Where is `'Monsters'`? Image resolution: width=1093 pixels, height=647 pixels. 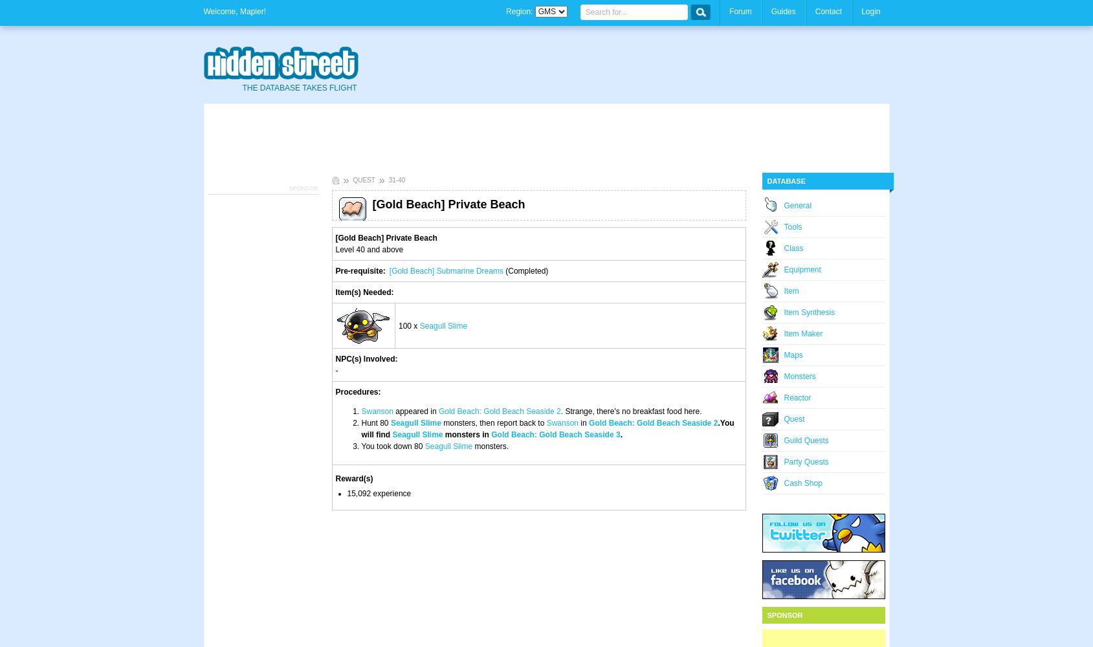 'Monsters' is located at coordinates (799, 376).